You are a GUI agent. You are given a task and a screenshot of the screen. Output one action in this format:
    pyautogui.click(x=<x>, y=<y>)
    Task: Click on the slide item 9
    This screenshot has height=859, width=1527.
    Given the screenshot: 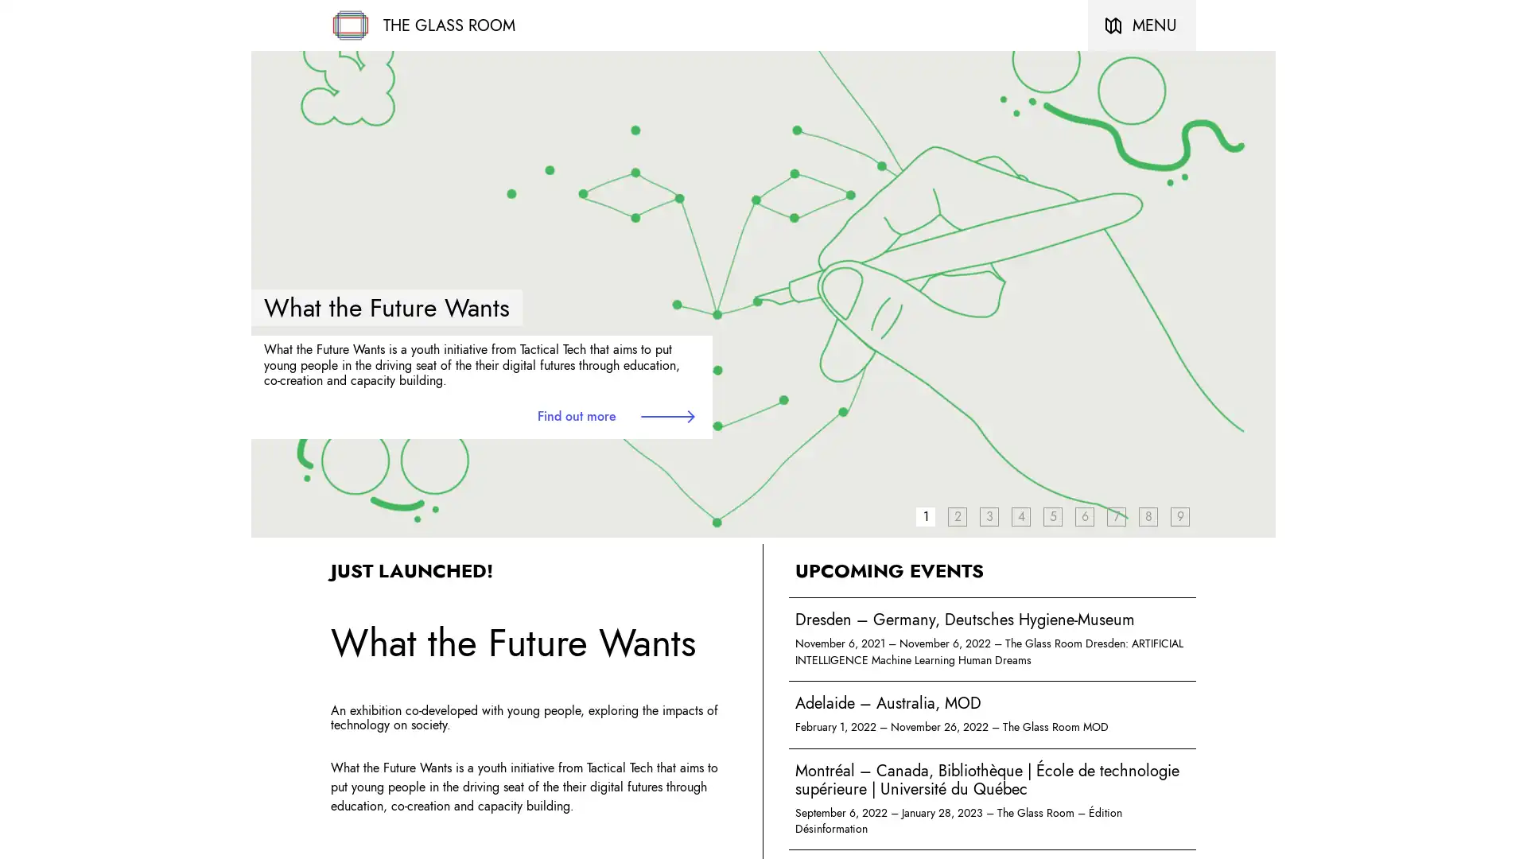 What is the action you would take?
    pyautogui.click(x=1179, y=515)
    